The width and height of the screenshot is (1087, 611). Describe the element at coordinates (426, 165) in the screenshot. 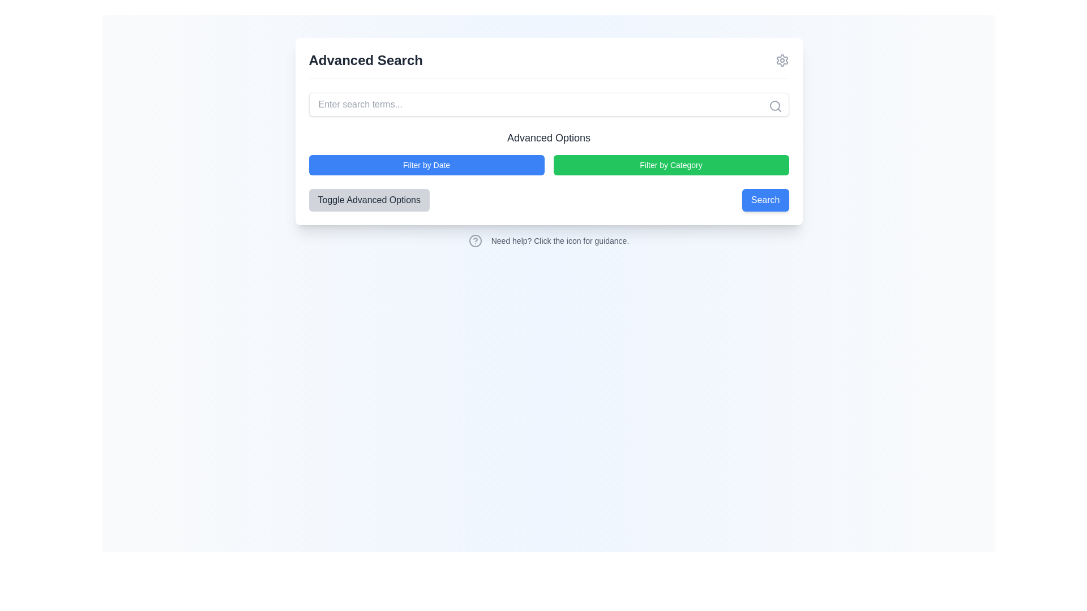

I see `the rectangular button with a blue background and white text reading 'Filter by Date'` at that location.